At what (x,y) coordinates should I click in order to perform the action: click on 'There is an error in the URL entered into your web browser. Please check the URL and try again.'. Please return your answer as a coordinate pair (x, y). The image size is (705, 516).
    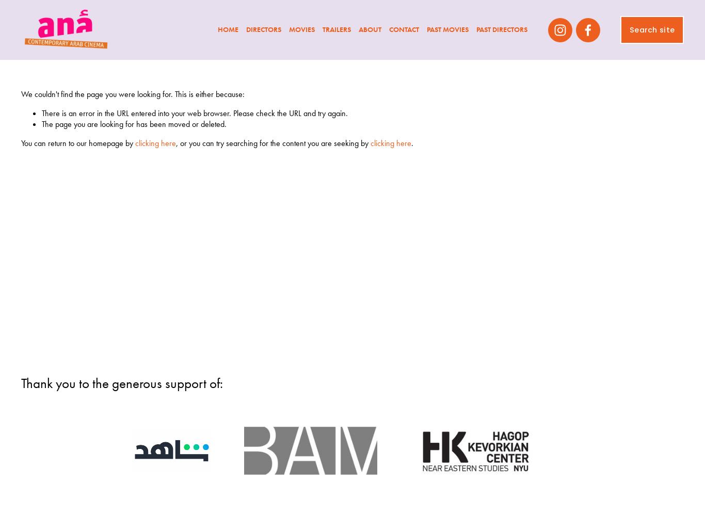
    Looking at the image, I should click on (194, 112).